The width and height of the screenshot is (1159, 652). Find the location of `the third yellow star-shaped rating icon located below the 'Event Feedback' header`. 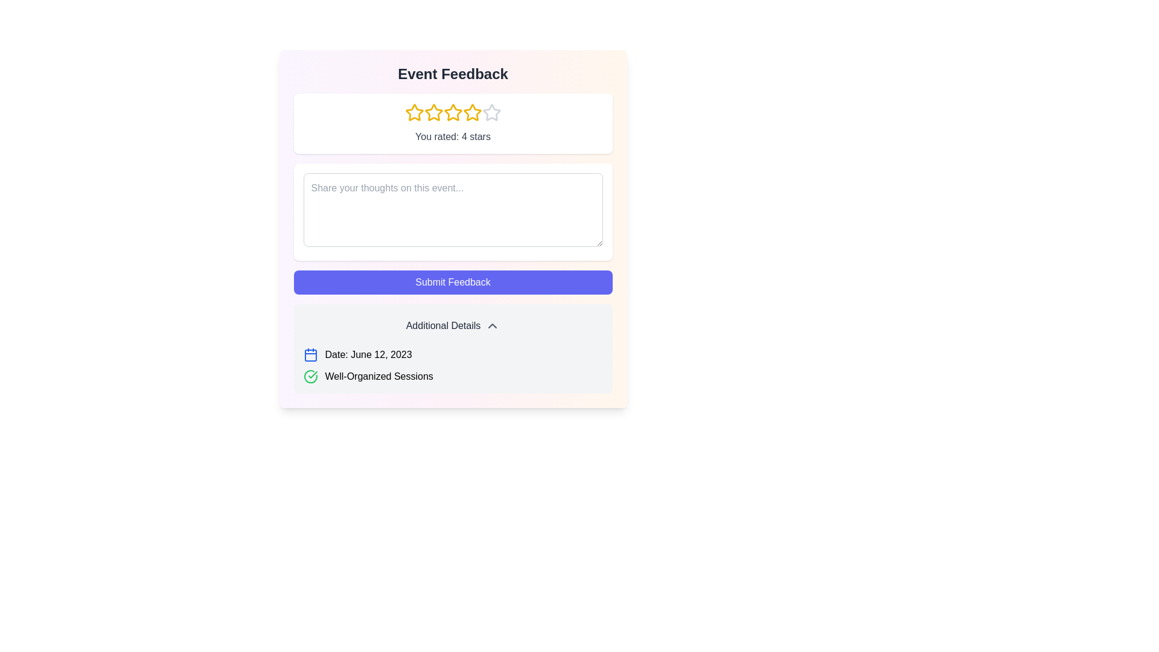

the third yellow star-shaped rating icon located below the 'Event Feedback' header is located at coordinates (433, 112).